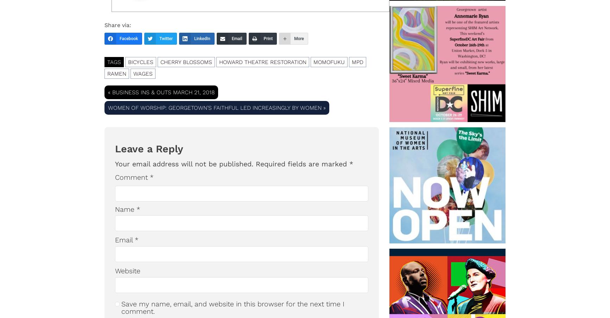 This screenshot has height=318, width=610. Describe the element at coordinates (262, 62) in the screenshot. I see `'Howard Theatre Restoration'` at that location.